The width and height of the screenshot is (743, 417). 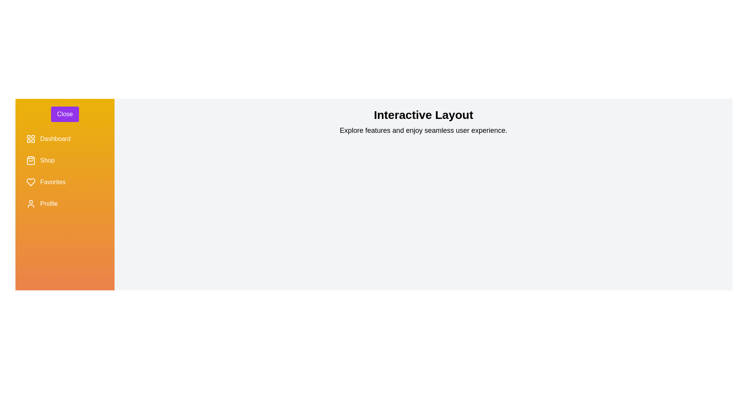 What do you see at coordinates (65, 182) in the screenshot?
I see `the menu item labeled Favorites to observe its hover effect` at bounding box center [65, 182].